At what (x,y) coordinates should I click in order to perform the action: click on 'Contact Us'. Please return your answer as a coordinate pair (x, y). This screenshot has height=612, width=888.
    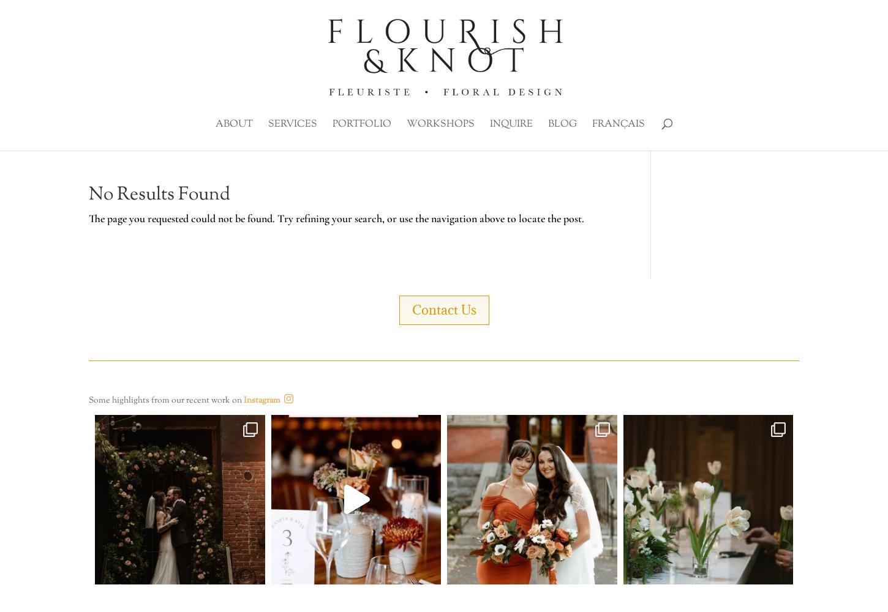
    Looking at the image, I should click on (410, 310).